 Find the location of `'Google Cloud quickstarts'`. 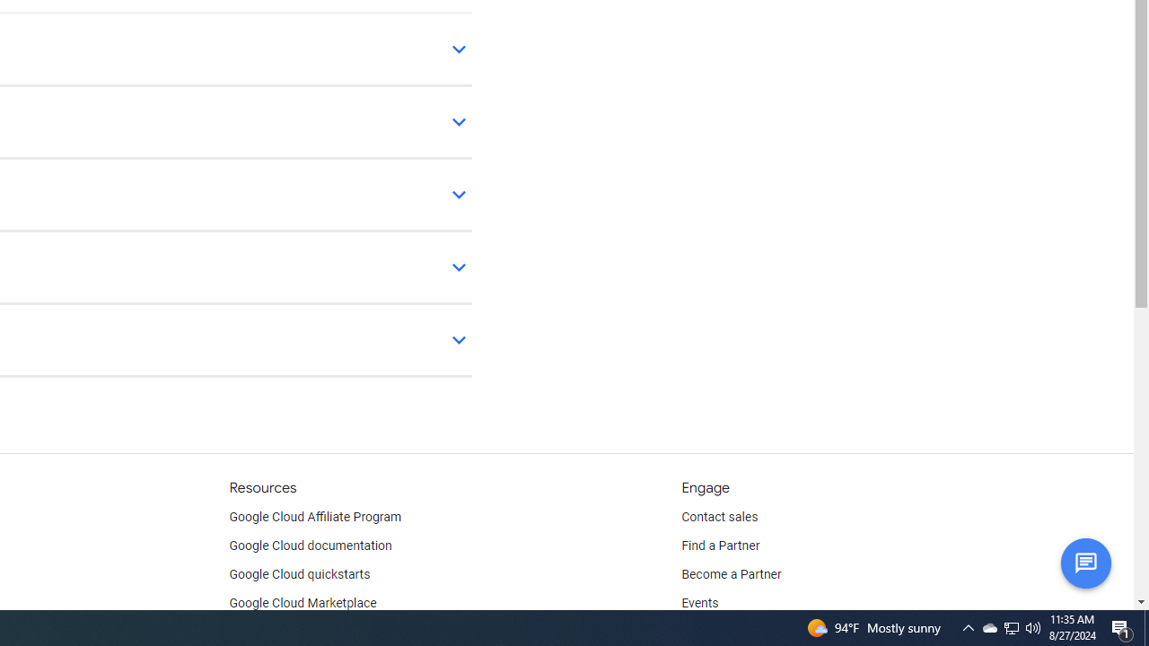

'Google Cloud quickstarts' is located at coordinates (300, 574).